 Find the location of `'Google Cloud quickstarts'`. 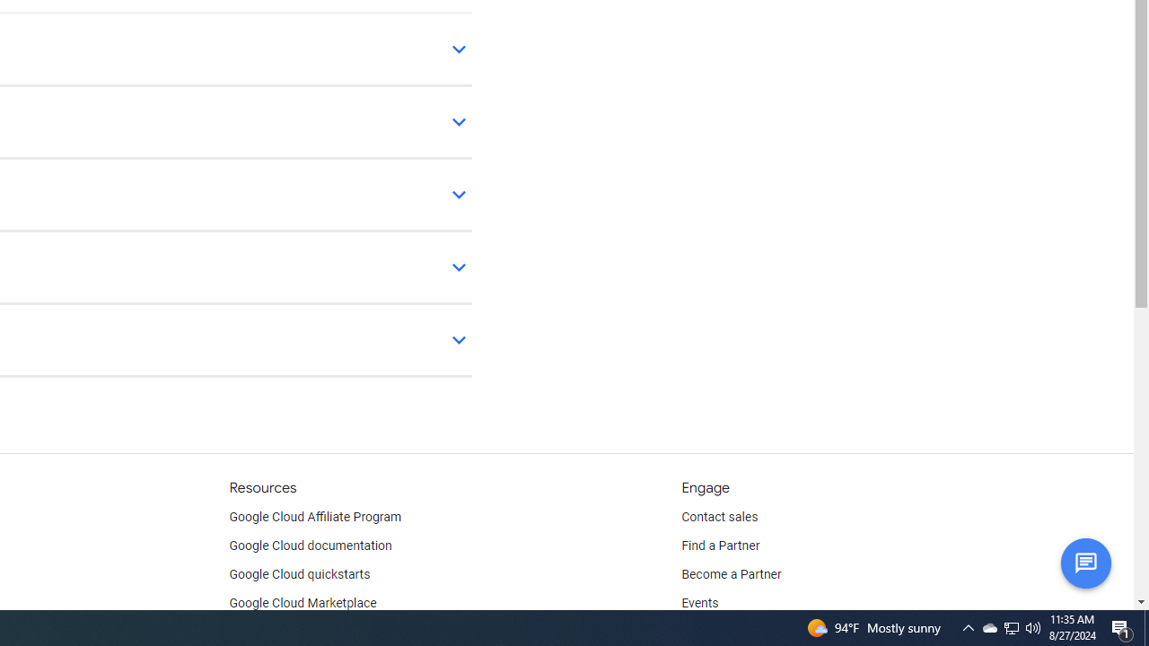

'Google Cloud quickstarts' is located at coordinates (300, 574).